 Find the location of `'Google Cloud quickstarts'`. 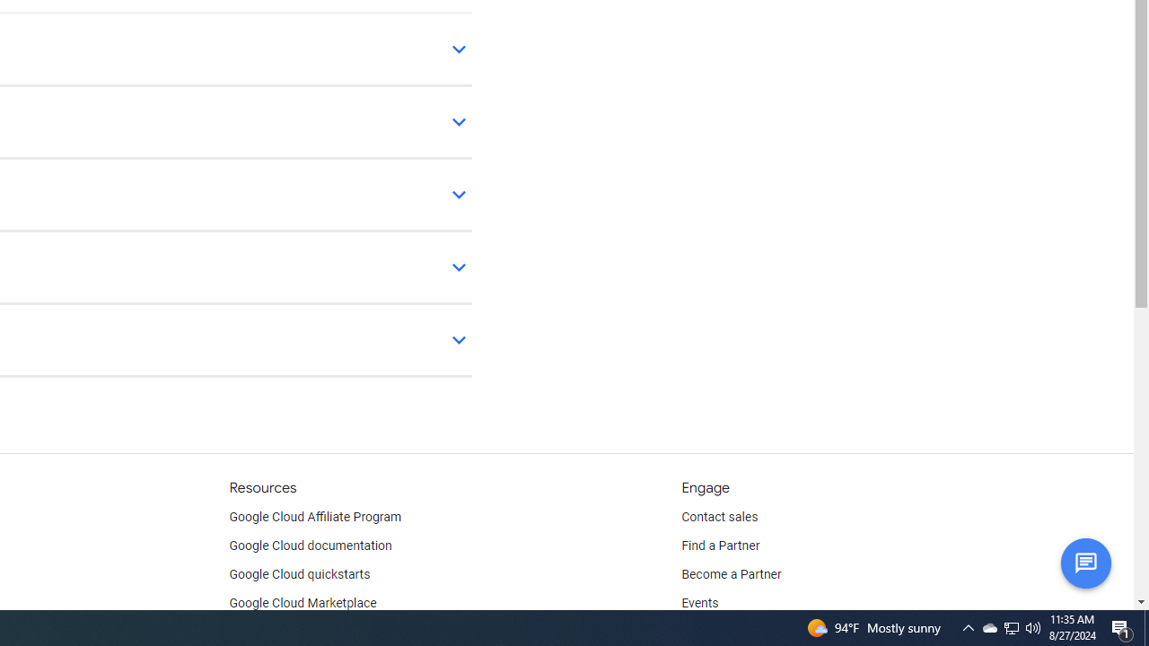

'Google Cloud quickstarts' is located at coordinates (300, 574).